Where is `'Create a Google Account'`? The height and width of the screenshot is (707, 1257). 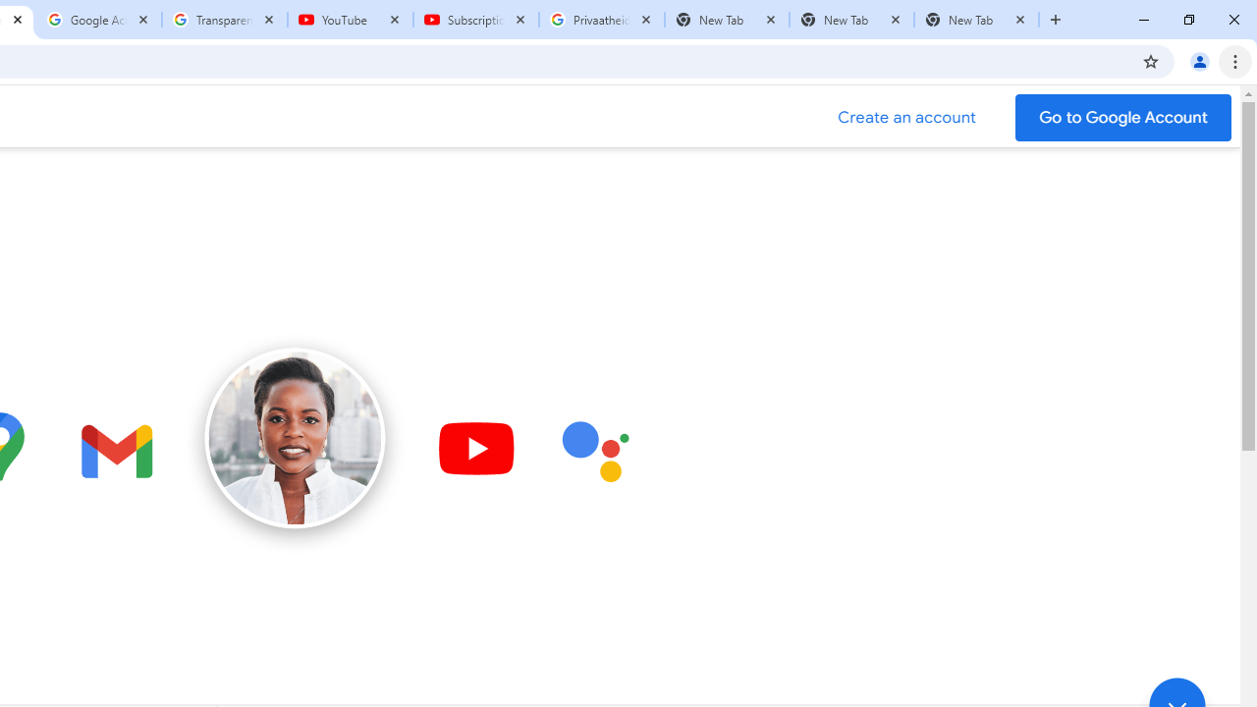
'Create a Google Account' is located at coordinates (906, 117).